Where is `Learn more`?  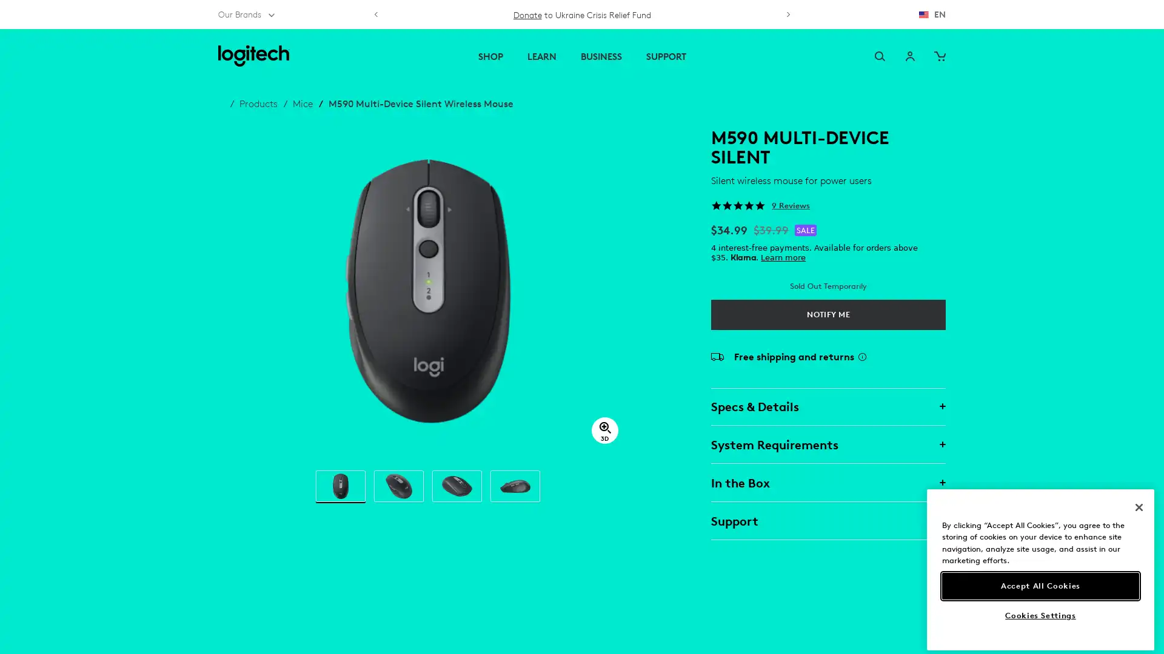
Learn more is located at coordinates (783, 257).